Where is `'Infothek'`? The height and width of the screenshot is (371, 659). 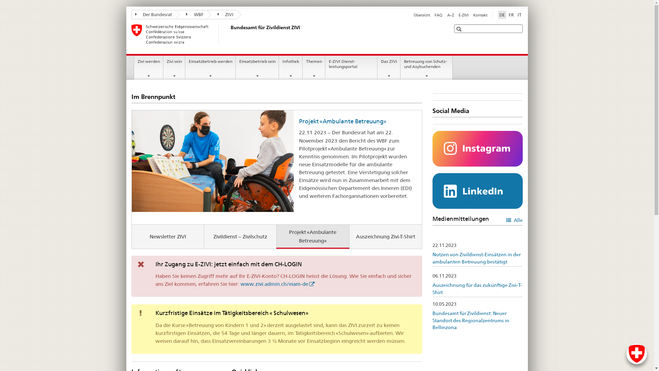
'Infothek' is located at coordinates (291, 67).